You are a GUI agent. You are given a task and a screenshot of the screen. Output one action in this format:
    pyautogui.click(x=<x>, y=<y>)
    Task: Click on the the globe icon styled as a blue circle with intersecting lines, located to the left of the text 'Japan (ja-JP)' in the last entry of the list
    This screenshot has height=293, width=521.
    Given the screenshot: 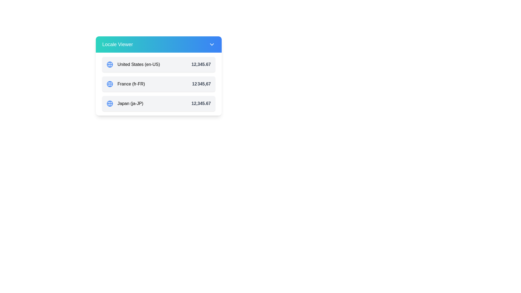 What is the action you would take?
    pyautogui.click(x=109, y=103)
    